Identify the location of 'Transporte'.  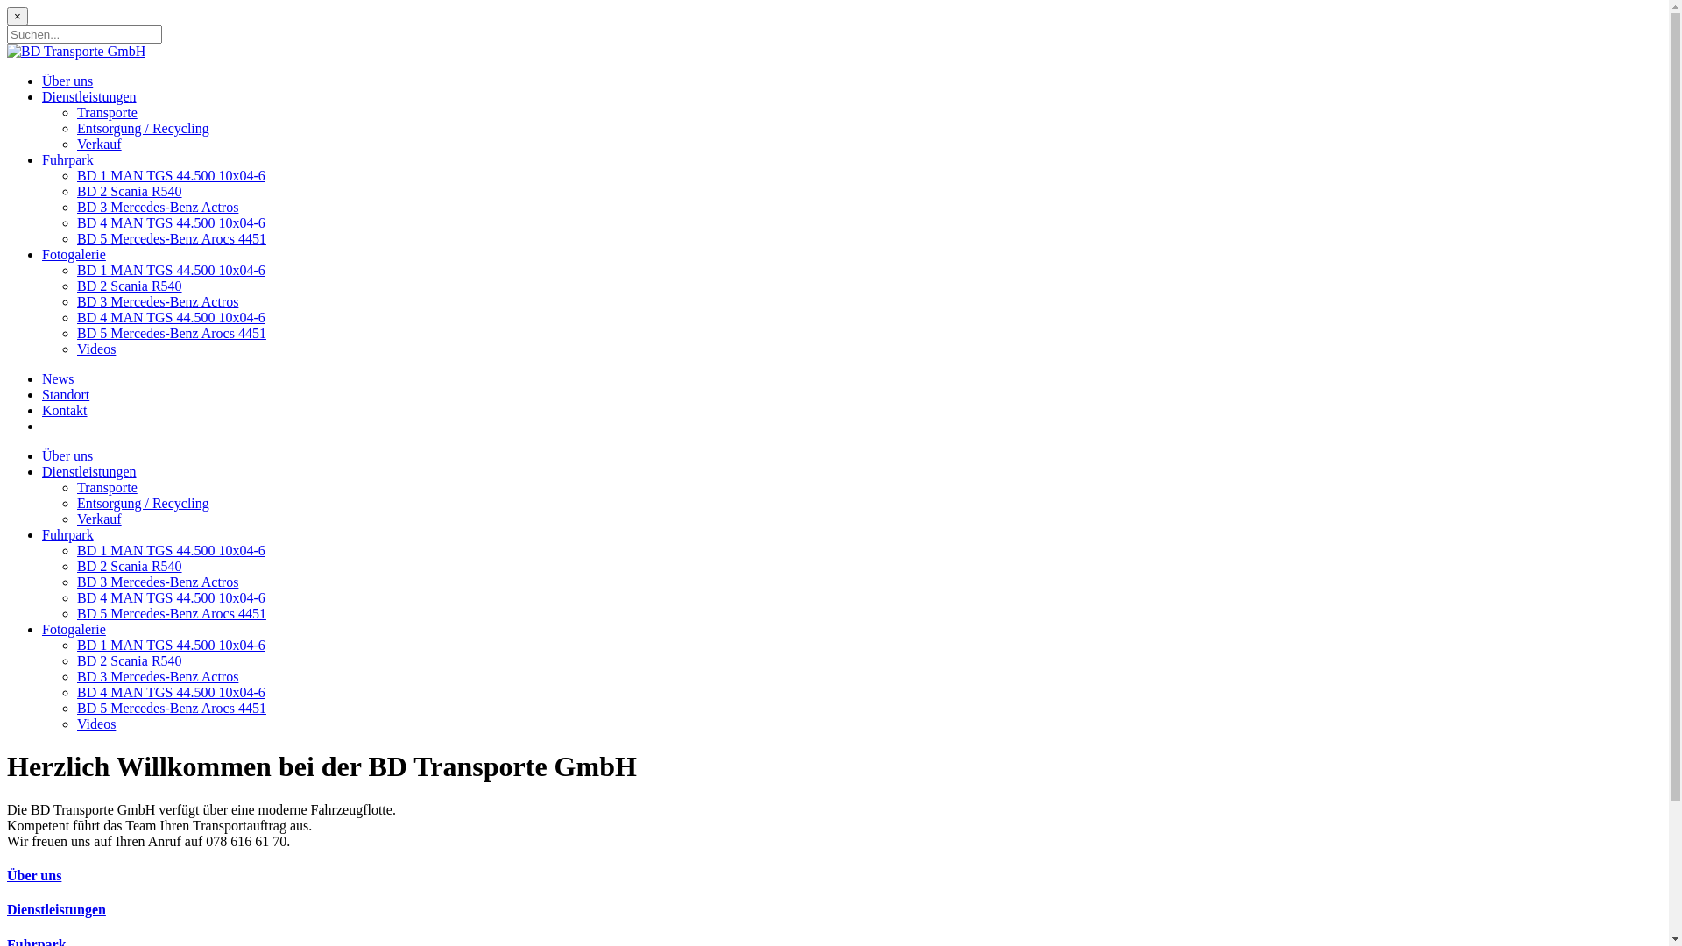
(106, 487).